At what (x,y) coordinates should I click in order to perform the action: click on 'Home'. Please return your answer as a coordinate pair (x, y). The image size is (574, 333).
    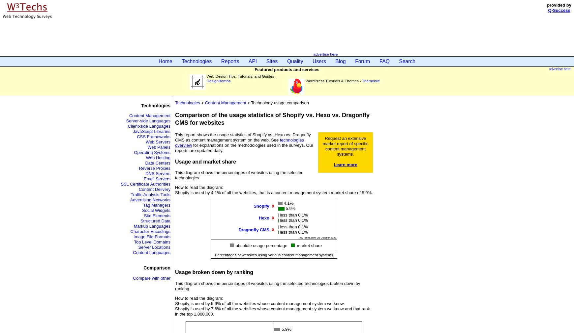
    Looking at the image, I should click on (165, 61).